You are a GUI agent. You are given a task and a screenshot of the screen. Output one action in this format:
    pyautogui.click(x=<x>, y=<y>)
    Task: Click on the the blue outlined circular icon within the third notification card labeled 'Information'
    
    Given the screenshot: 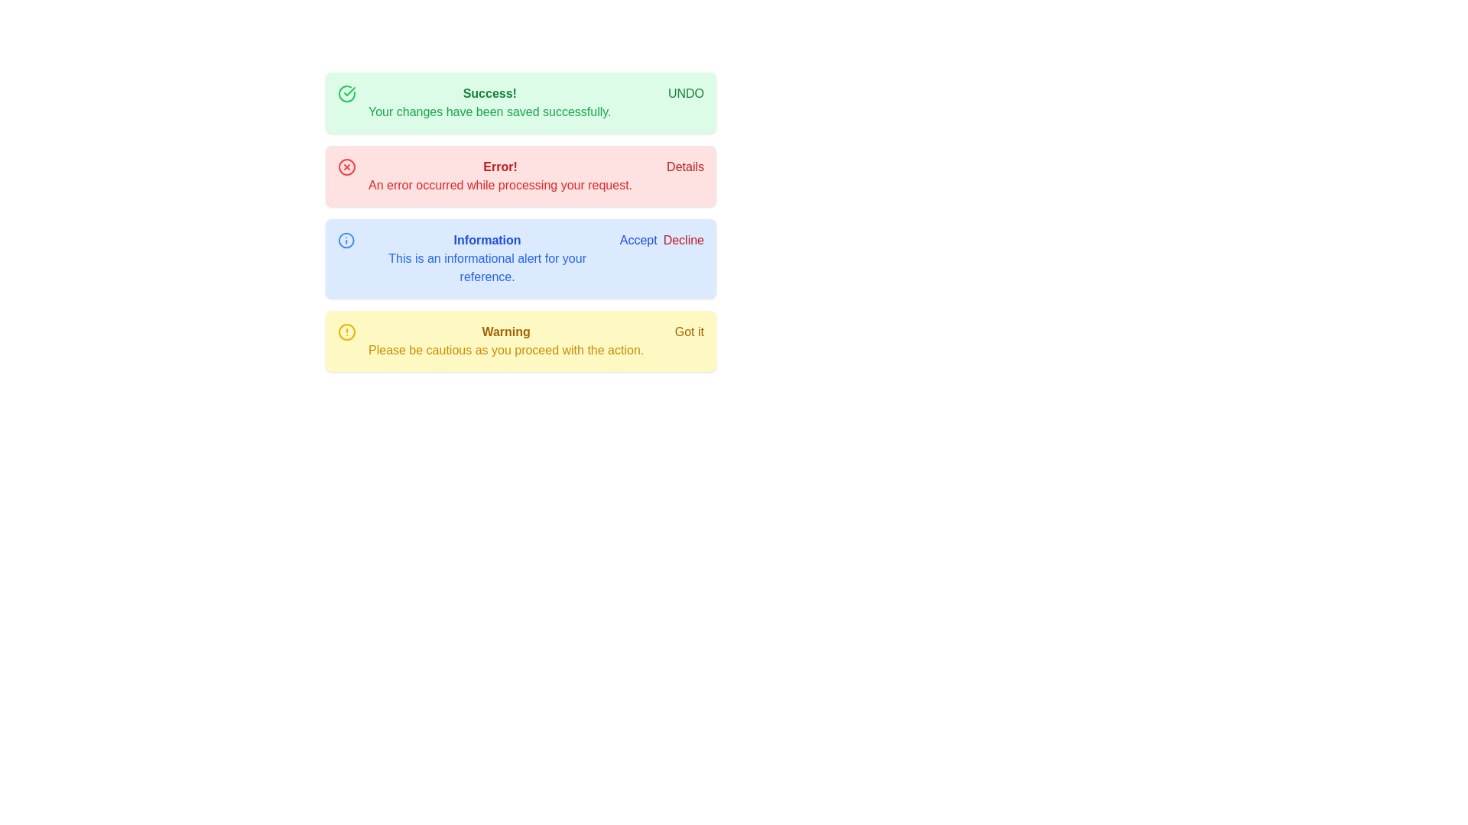 What is the action you would take?
    pyautogui.click(x=346, y=241)
    